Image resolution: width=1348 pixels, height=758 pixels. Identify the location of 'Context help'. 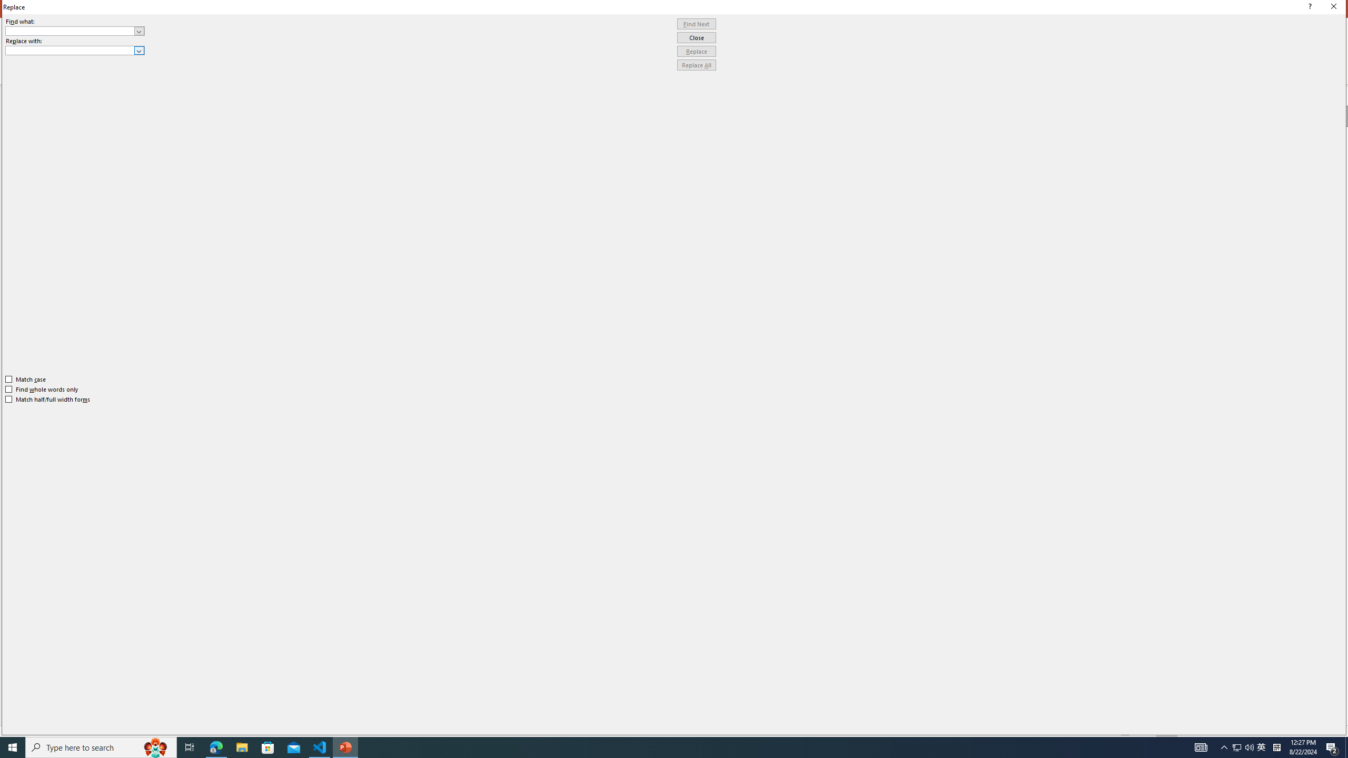
(1308, 8).